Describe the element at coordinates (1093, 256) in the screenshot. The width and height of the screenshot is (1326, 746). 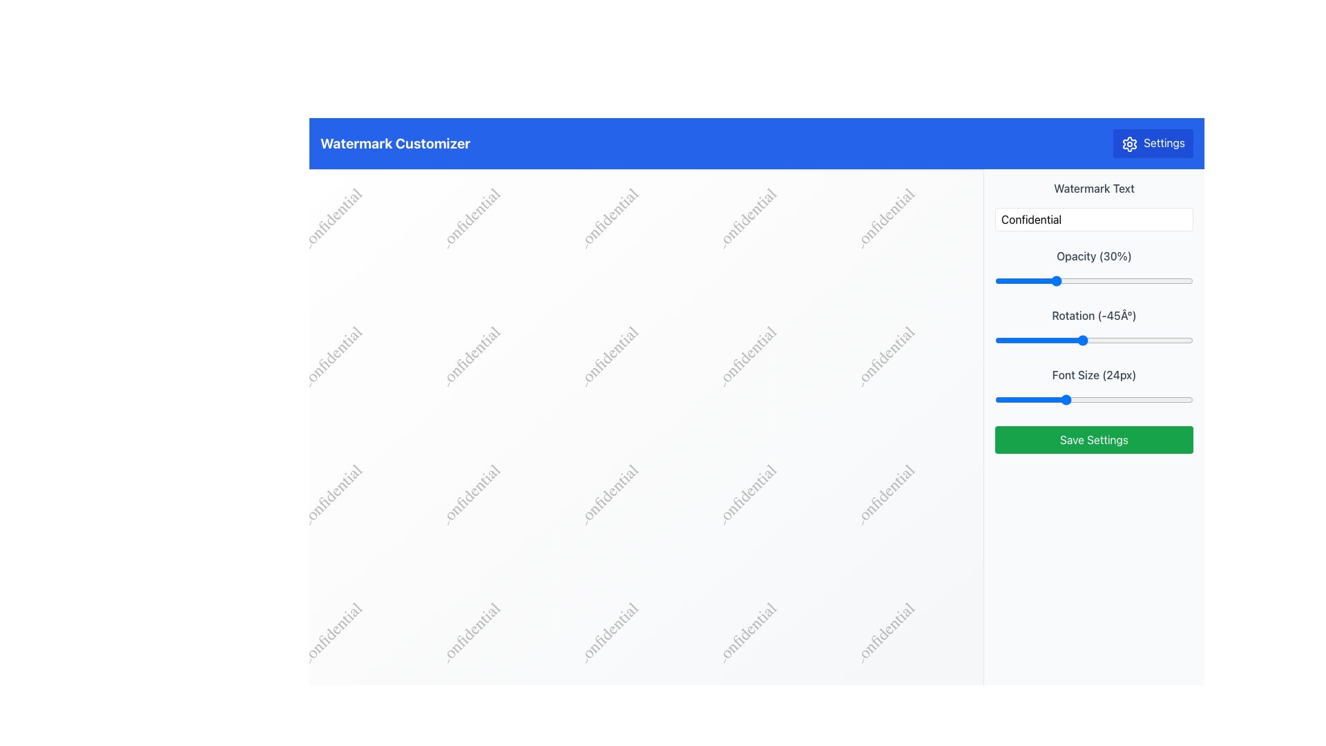
I see `the text label indicating the opacity value set to 30%, which is located above the opacity slider in the vertical layout of controls` at that location.